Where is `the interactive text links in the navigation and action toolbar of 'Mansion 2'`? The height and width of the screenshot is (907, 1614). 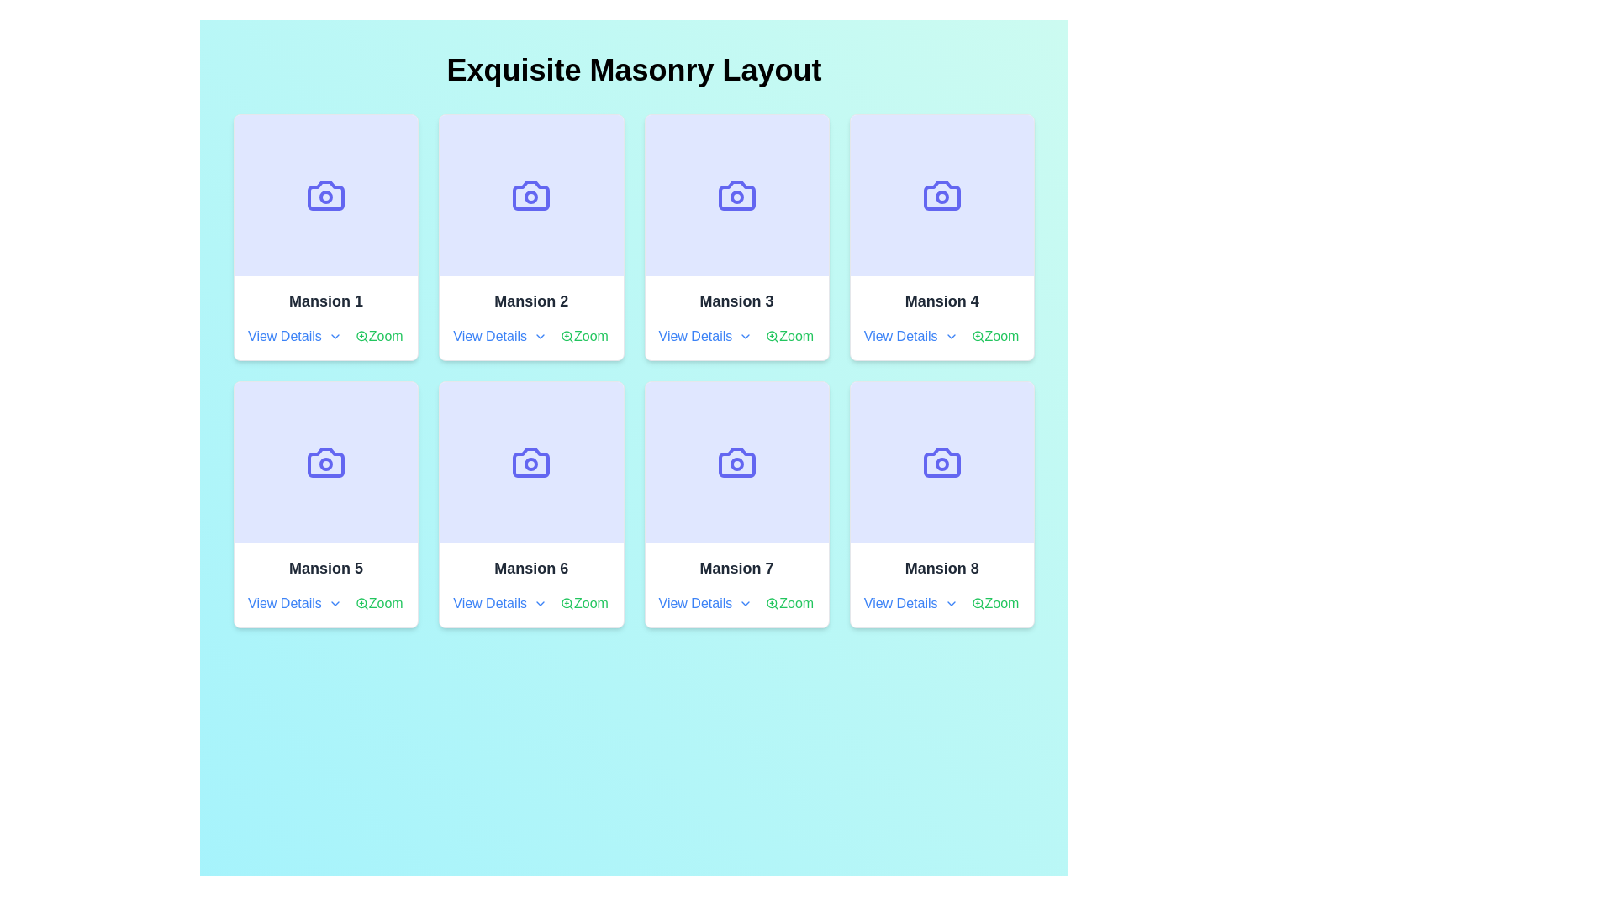 the interactive text links in the navigation and action toolbar of 'Mansion 2' is located at coordinates (530, 337).